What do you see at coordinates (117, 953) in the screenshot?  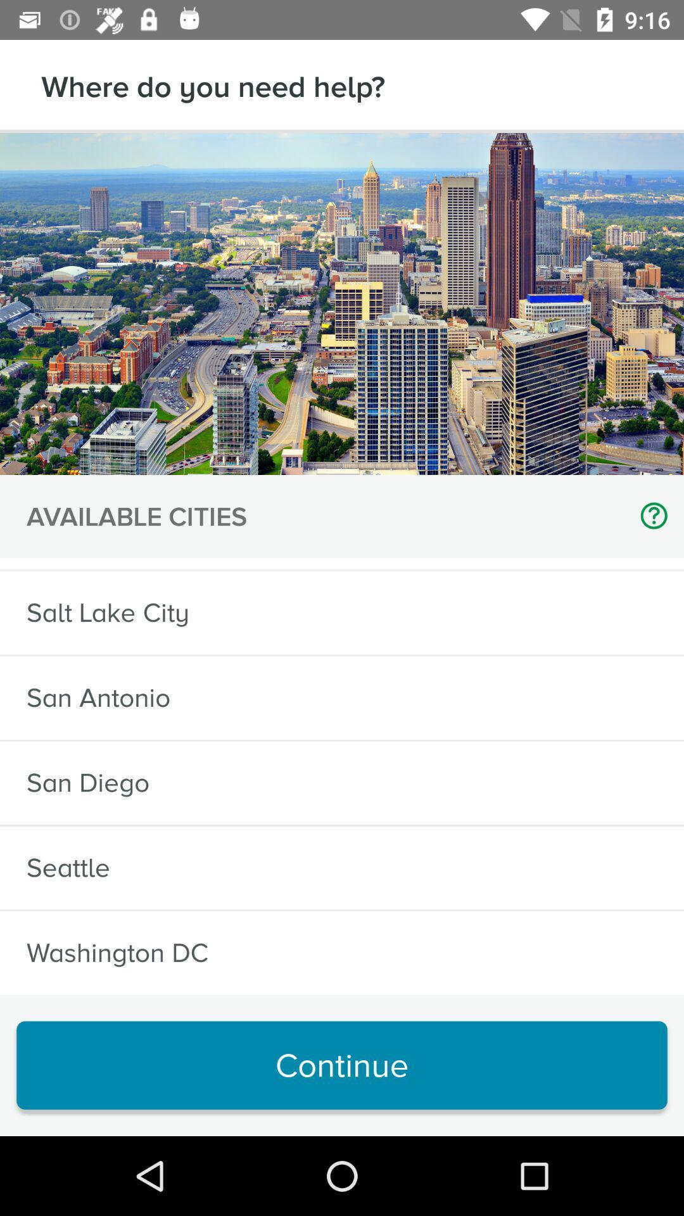 I see `the washington dc icon` at bounding box center [117, 953].